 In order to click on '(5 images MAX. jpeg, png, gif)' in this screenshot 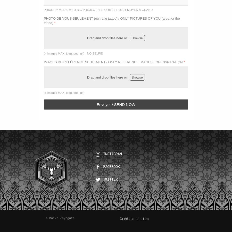, I will do `click(64, 92)`.